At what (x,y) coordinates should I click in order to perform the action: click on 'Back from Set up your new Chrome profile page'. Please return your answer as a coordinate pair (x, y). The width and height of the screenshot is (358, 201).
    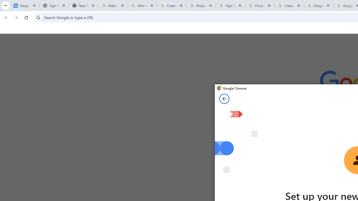
    Looking at the image, I should click on (224, 99).